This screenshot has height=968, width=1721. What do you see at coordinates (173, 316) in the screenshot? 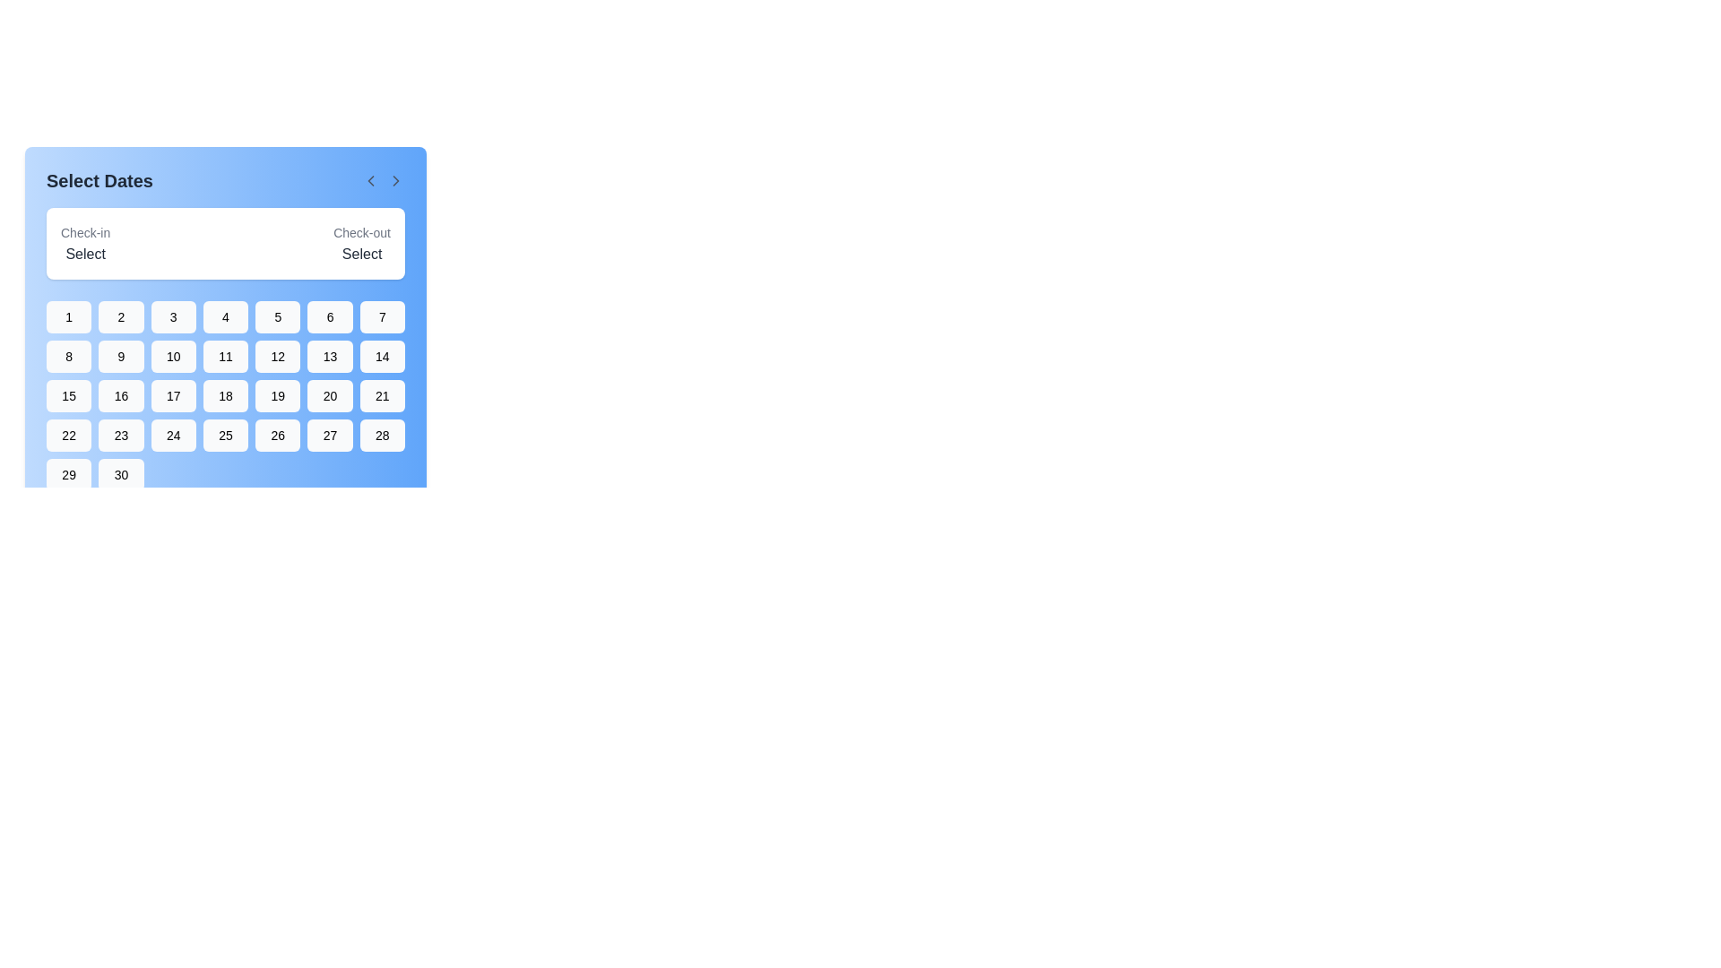
I see `the date '3' button in the calendar component, which is the third cell of the first row in the calendar layout` at bounding box center [173, 316].